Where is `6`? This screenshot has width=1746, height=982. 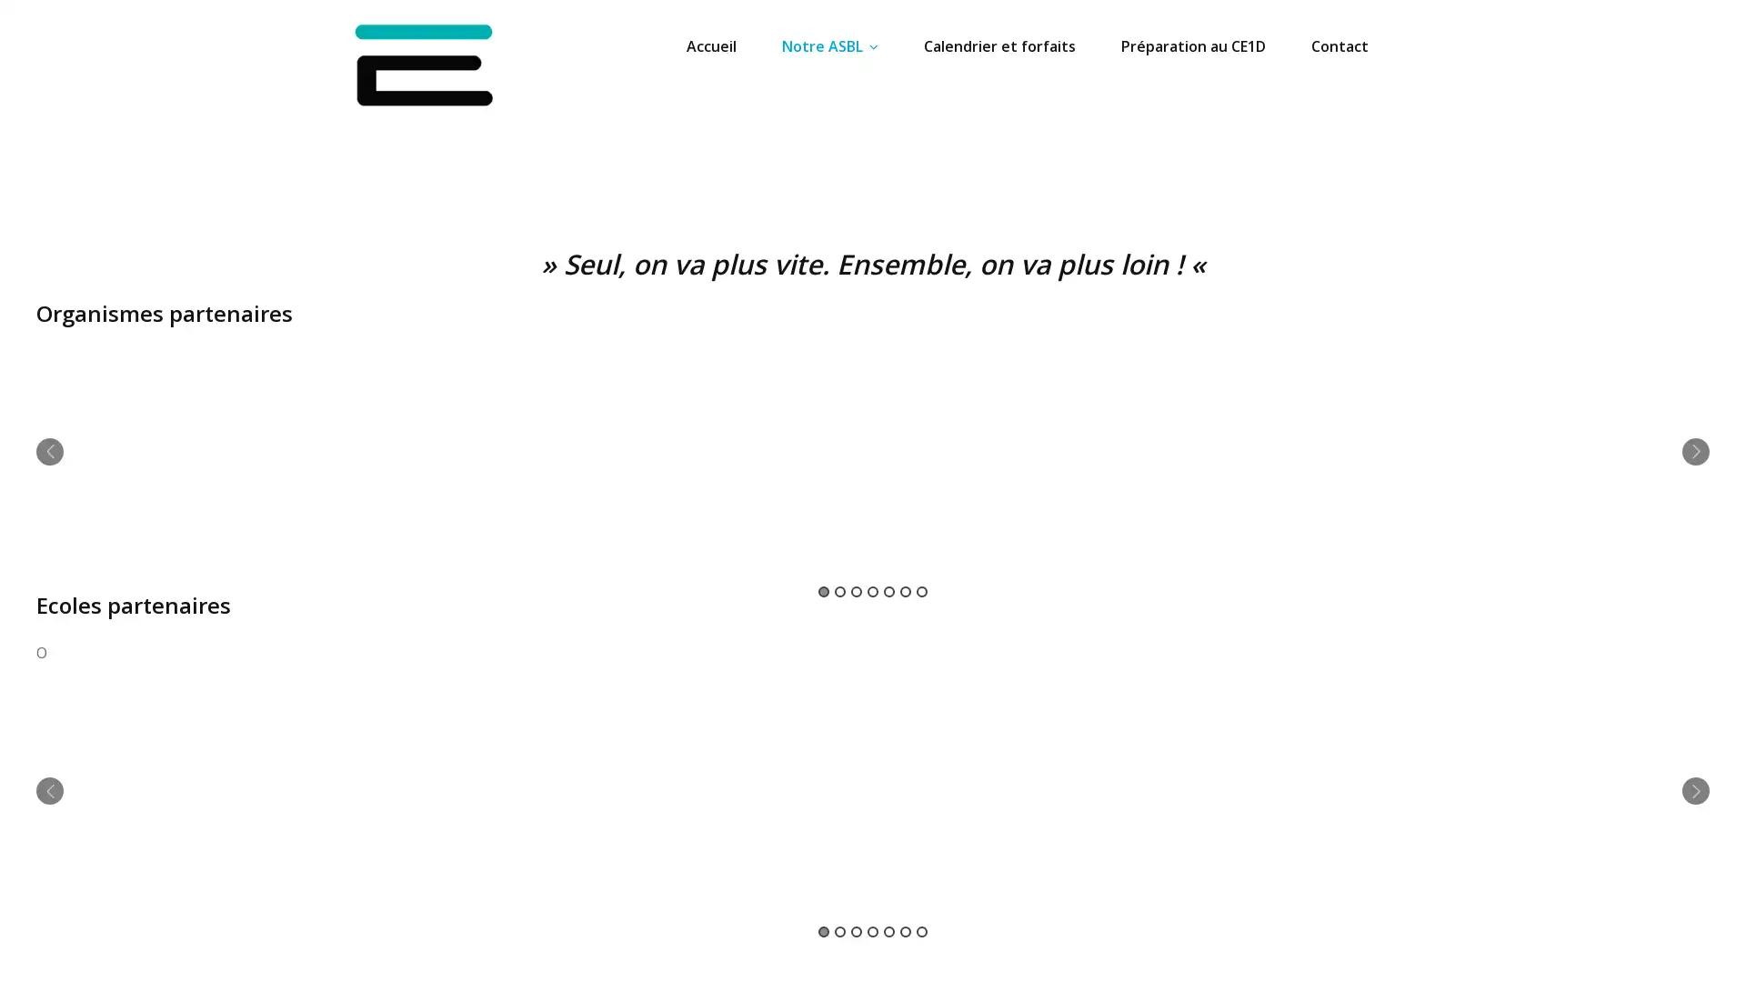 6 is located at coordinates (906, 592).